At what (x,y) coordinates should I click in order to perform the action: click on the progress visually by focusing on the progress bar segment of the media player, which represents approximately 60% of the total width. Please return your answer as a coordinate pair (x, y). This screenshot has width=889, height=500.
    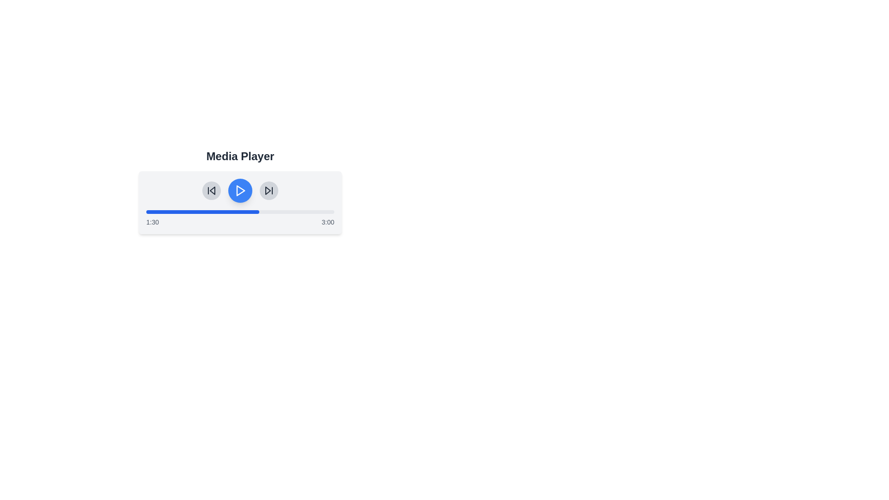
    Looking at the image, I should click on (202, 212).